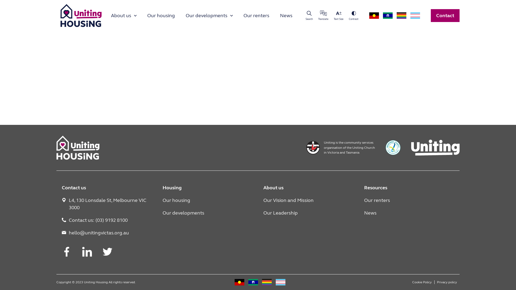 This screenshot has width=516, height=290. I want to click on 'Search', so click(309, 15).